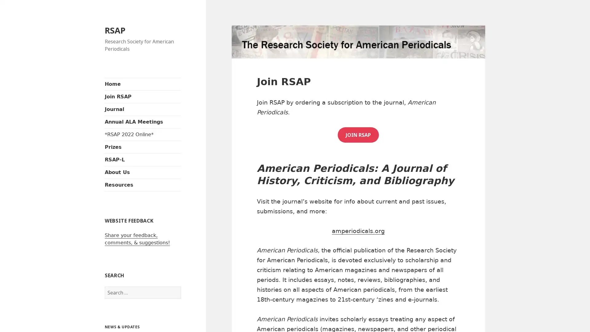 The image size is (590, 332). Describe the element at coordinates (180, 287) in the screenshot. I see `Search` at that location.